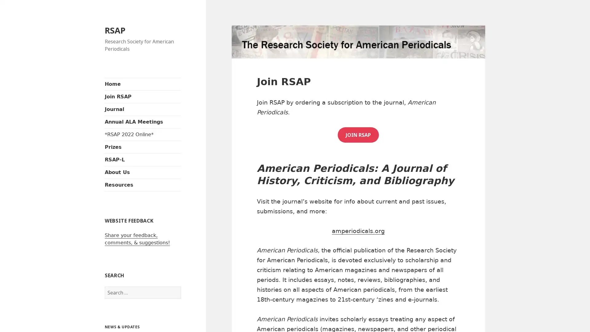 The image size is (590, 332). Describe the element at coordinates (180, 287) in the screenshot. I see `Search` at that location.